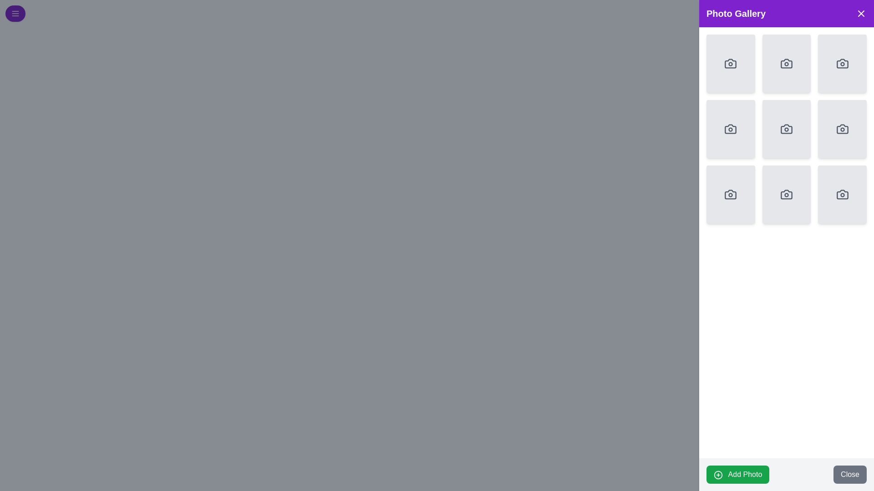 The height and width of the screenshot is (491, 874). Describe the element at coordinates (842, 63) in the screenshot. I see `the top portion of the gray camera icon located in the top-right grid cell of the 'Photo Gallery' panel` at that location.